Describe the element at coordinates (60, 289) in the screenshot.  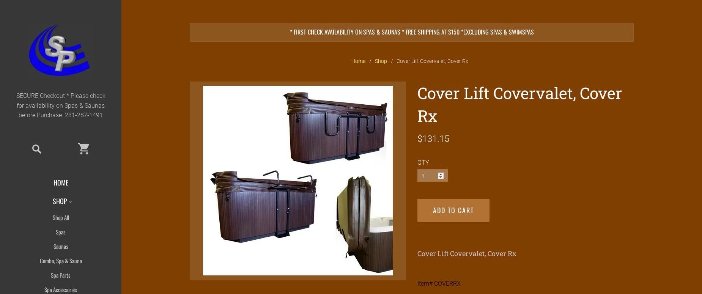
I see `'Spa Accessories'` at that location.